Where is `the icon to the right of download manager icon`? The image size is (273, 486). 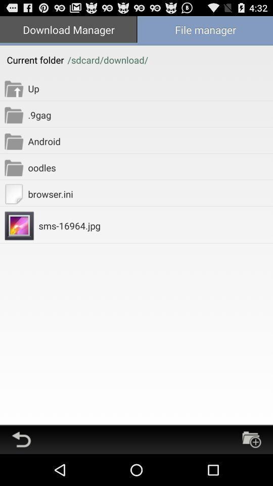
the icon to the right of download manager icon is located at coordinates (205, 30).